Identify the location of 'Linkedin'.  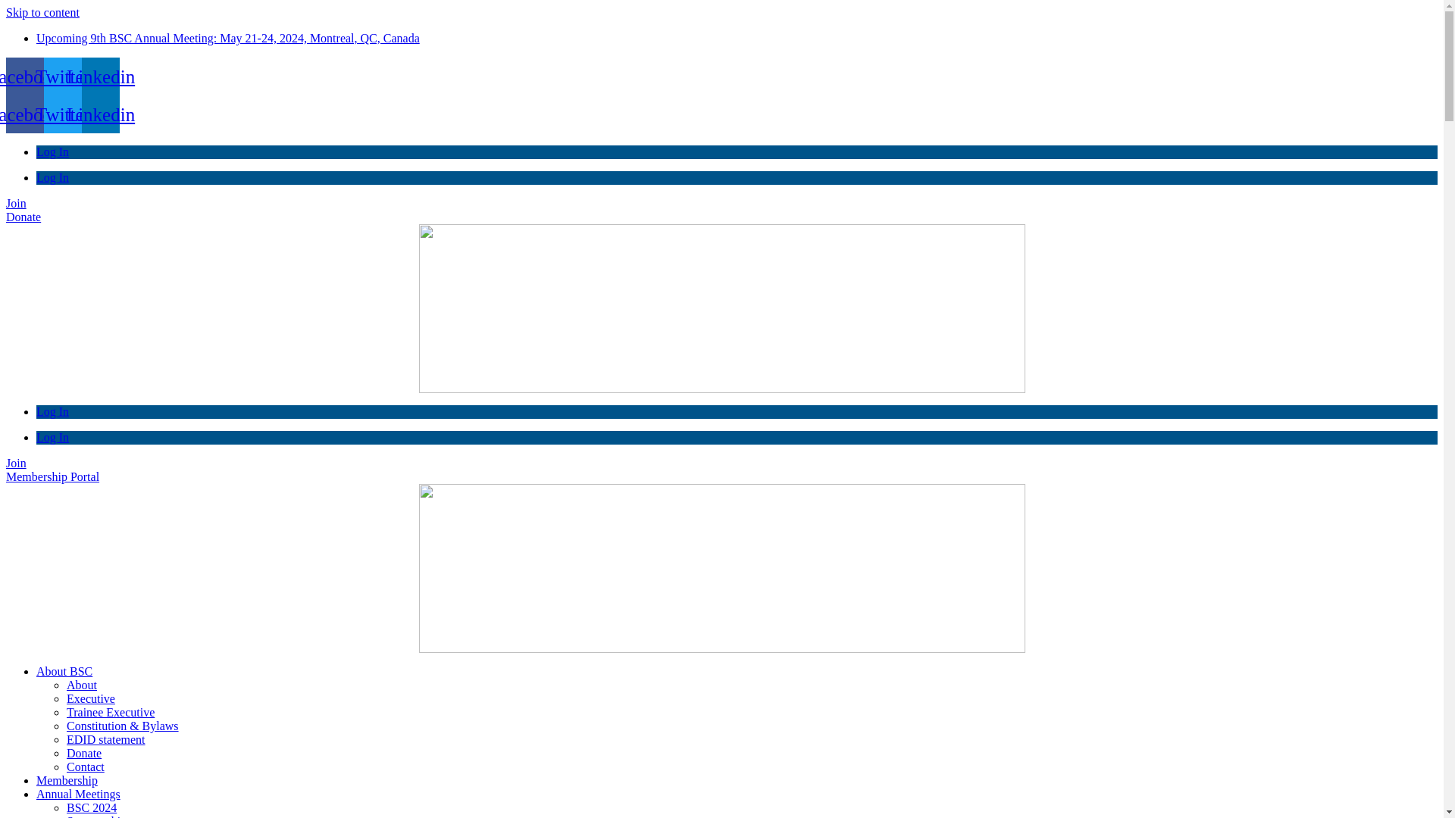
(100, 113).